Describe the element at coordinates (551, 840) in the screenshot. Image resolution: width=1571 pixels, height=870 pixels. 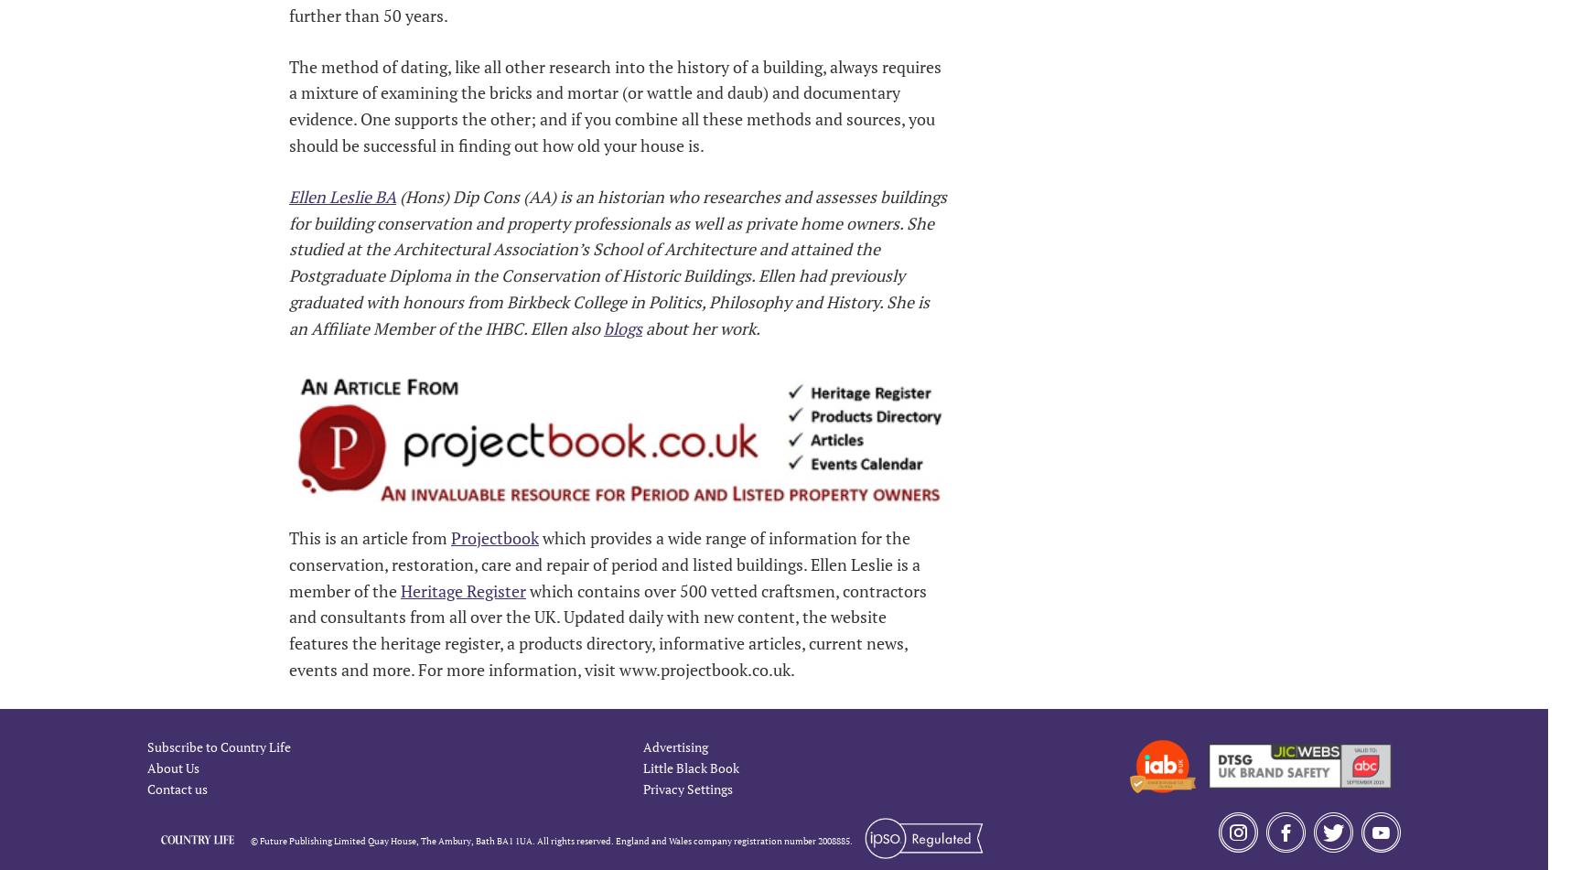
I see `'© Future Publishing Limited Quay House, The Ambury, Bath BA1 1UA. All rights reserved. England and Wales company registration number 2008885.'` at that location.